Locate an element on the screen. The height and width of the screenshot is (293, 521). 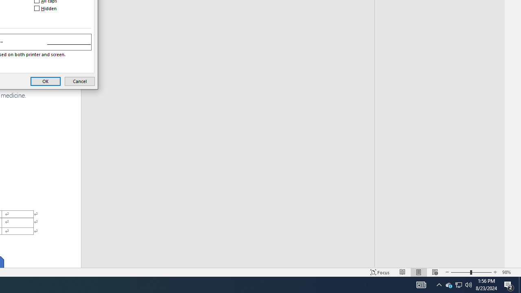
'Q2790: 100%' is located at coordinates (468, 284).